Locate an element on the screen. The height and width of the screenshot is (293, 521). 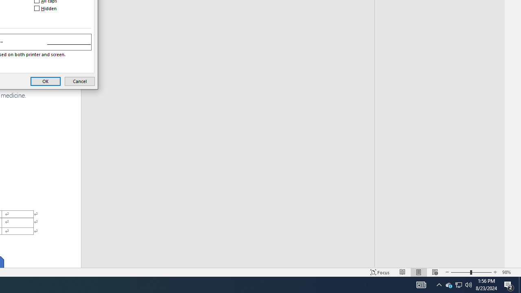
'Q2790: 100%' is located at coordinates (468, 284).